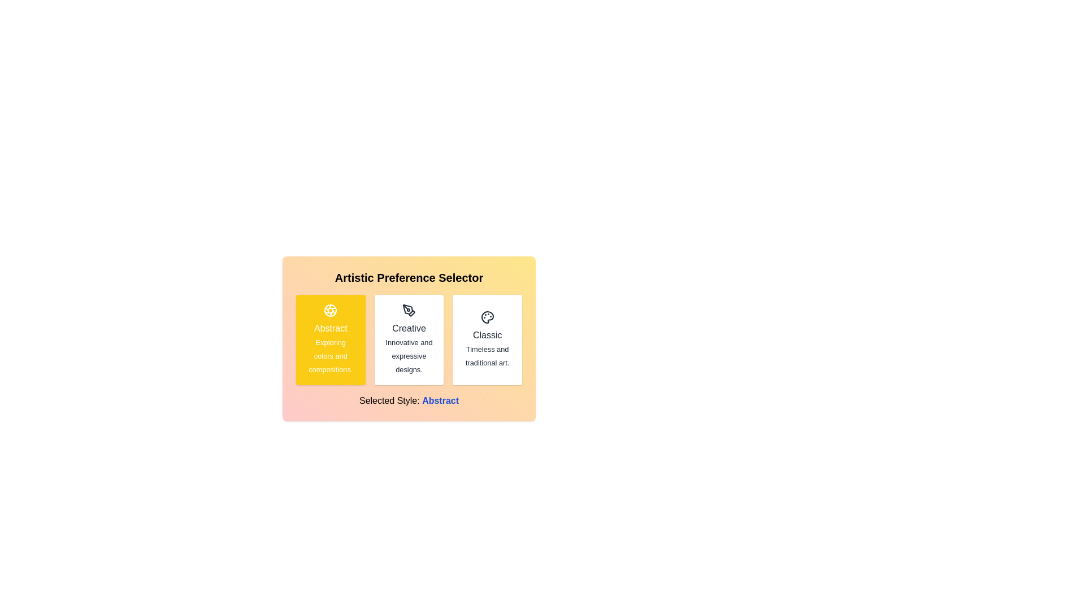 Image resolution: width=1085 pixels, height=610 pixels. Describe the element at coordinates (487, 339) in the screenshot. I see `the button corresponding to Classic to read its description` at that location.